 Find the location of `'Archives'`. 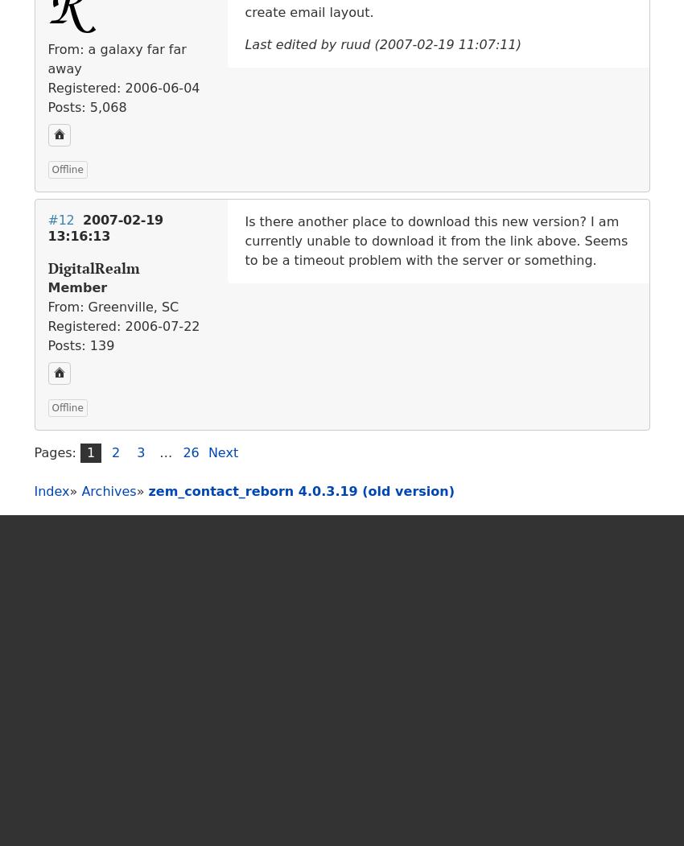

'Archives' is located at coordinates (108, 489).